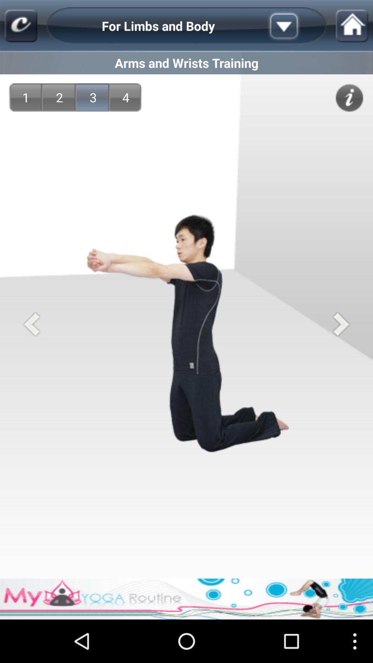 The height and width of the screenshot is (663, 373). I want to click on item next to 3 app, so click(126, 97).